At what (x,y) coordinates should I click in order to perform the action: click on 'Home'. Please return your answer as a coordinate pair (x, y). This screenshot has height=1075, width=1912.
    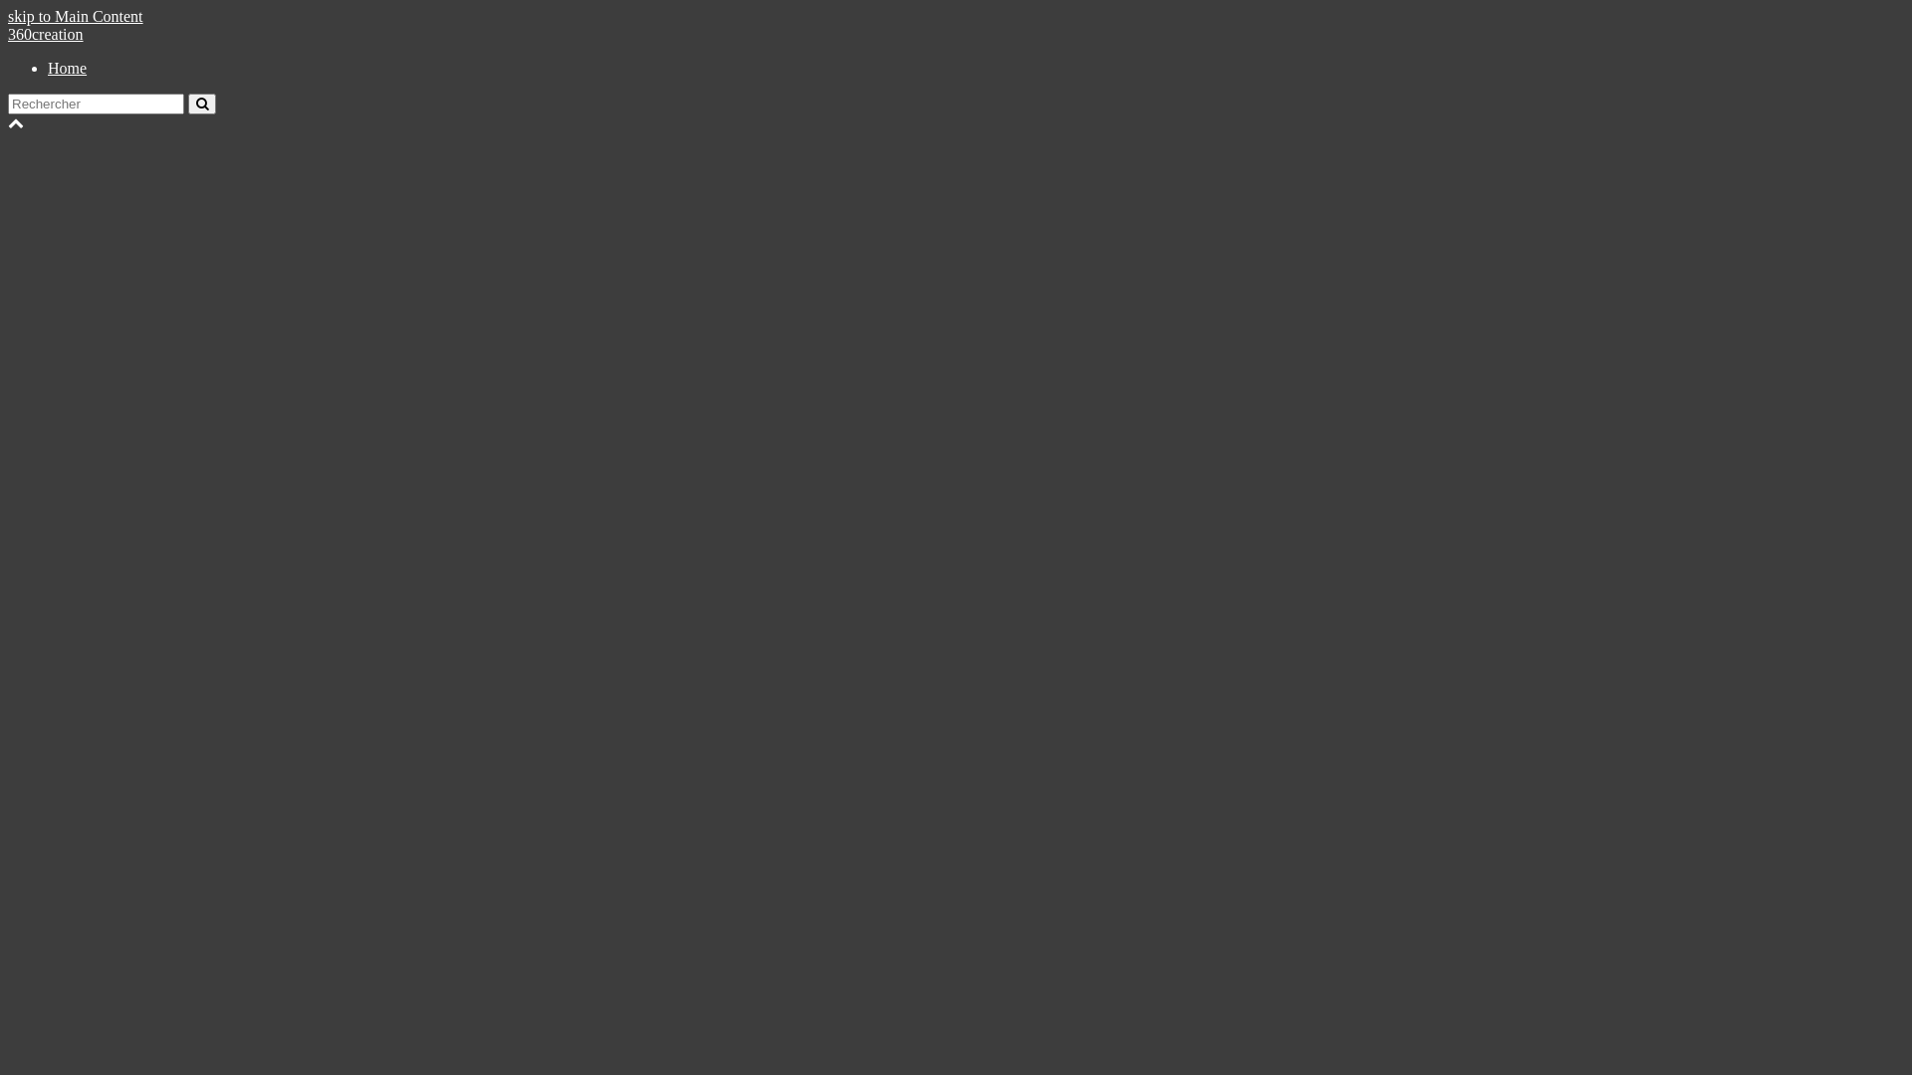
    Looking at the image, I should click on (67, 67).